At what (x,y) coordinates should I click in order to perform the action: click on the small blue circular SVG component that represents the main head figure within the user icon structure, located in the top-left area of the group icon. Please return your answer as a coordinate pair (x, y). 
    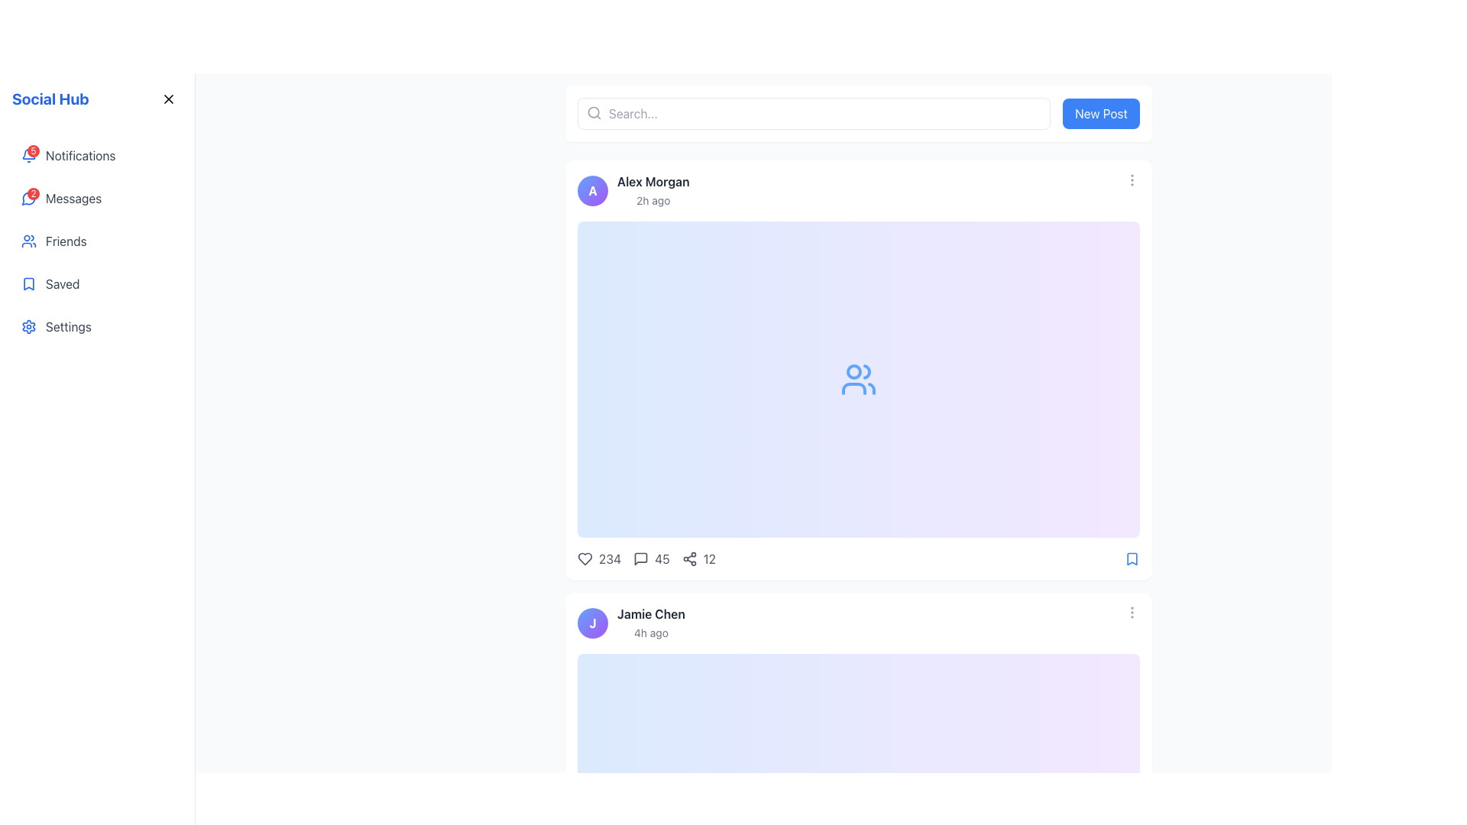
    Looking at the image, I should click on (853, 371).